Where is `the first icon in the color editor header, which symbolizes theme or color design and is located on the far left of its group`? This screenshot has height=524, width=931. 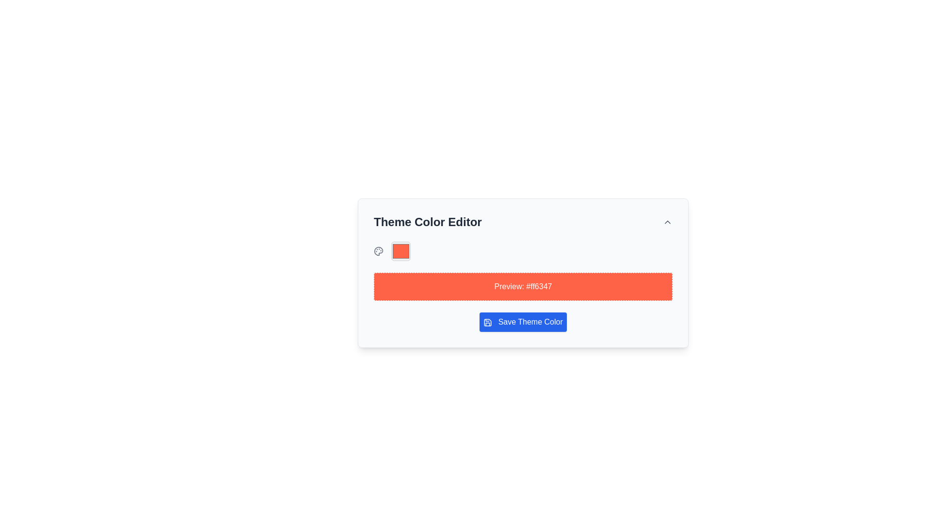
the first icon in the color editor header, which symbolizes theme or color design and is located on the far left of its group is located at coordinates (378, 250).